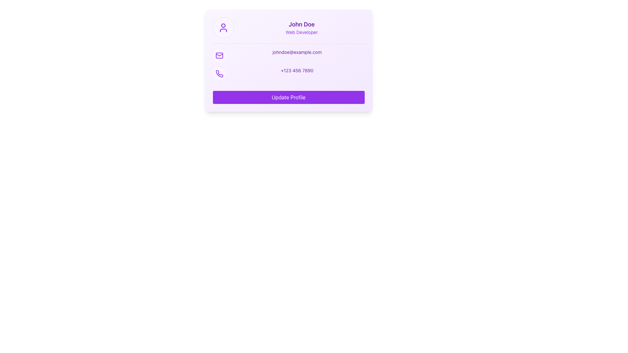  I want to click on the circular icon with a purple envelope symbol located to the left of the email address 'johndoe@example.com' in the second row of the contact information section, so click(219, 55).